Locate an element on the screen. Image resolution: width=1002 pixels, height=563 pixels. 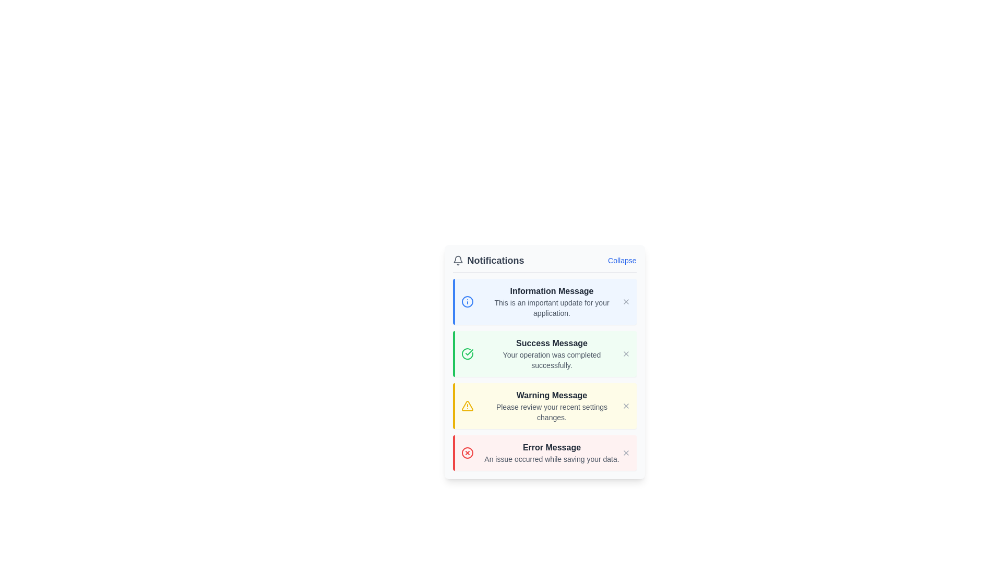
the Graphic Icon located at the leftmost side of the 'Error Message' notification box is located at coordinates (467, 452).